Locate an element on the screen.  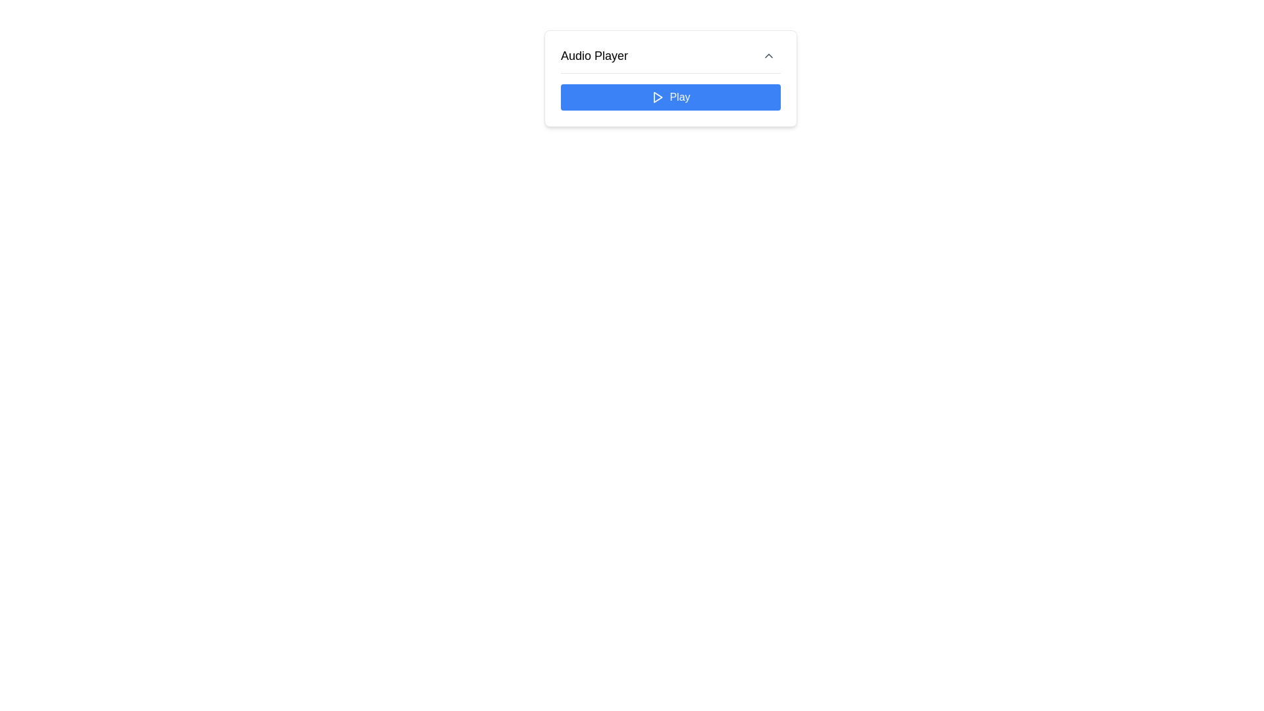
the upward direction icon located in the top-right area of the 'Audio Player' card is located at coordinates (768, 55).